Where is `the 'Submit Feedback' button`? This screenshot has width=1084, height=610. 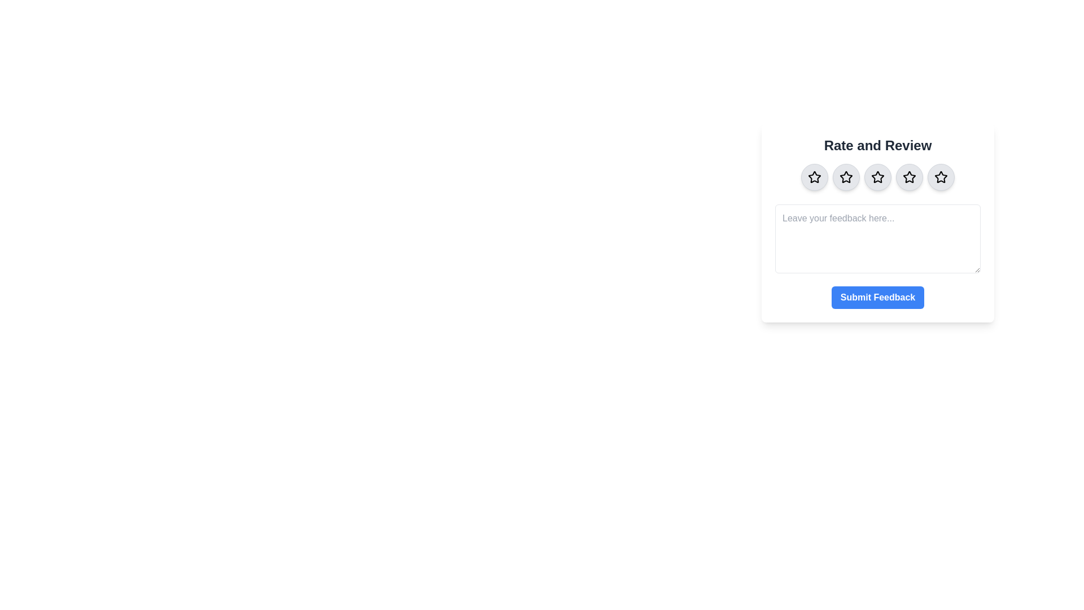 the 'Submit Feedback' button is located at coordinates (877, 297).